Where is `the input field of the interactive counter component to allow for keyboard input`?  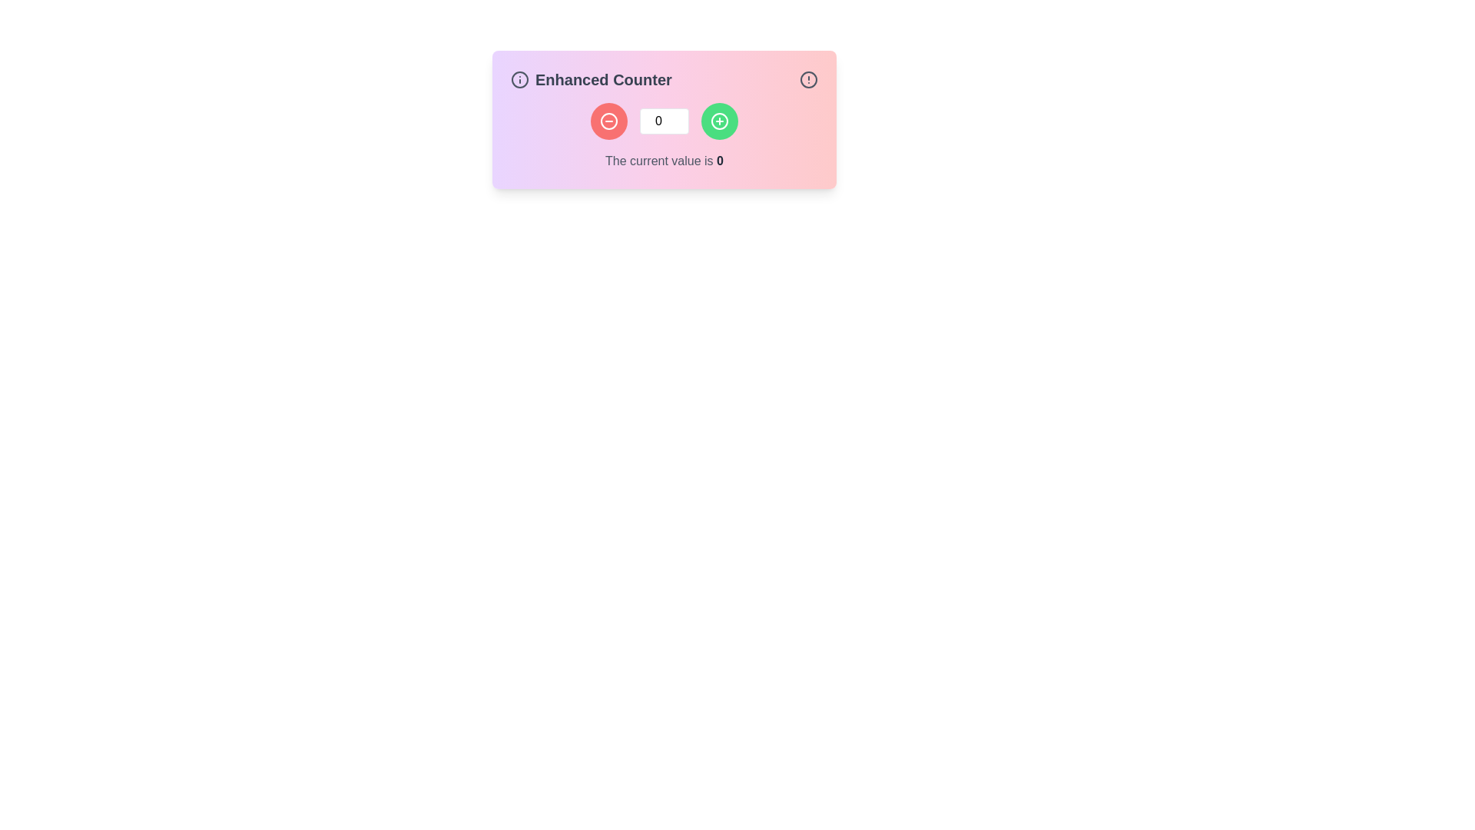
the input field of the interactive counter component to allow for keyboard input is located at coordinates (664, 118).